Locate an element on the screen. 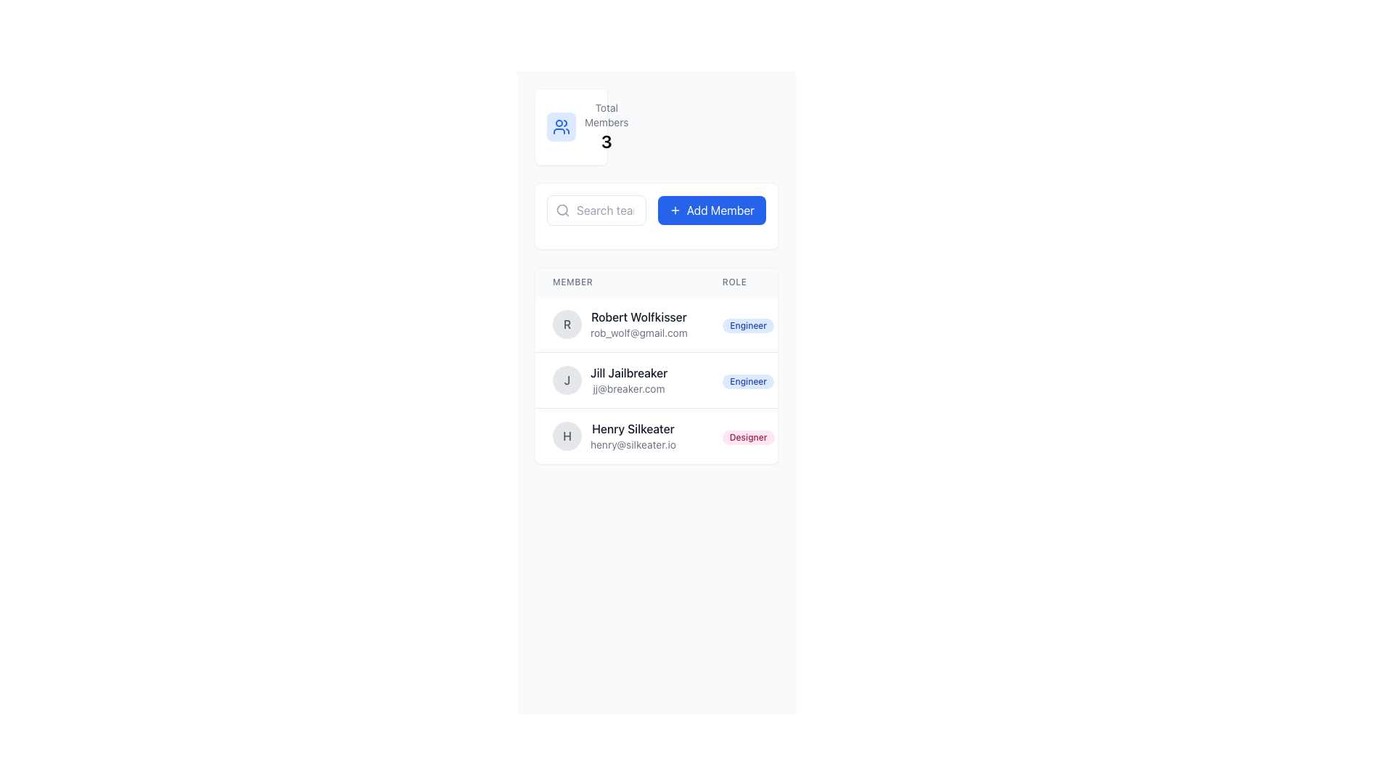 This screenshot has width=1393, height=784. the text label element reading 'Jill Jailbreaker' for additional information, which is styled in bold and dark gray, located in the second row of the user list is located at coordinates (629, 372).